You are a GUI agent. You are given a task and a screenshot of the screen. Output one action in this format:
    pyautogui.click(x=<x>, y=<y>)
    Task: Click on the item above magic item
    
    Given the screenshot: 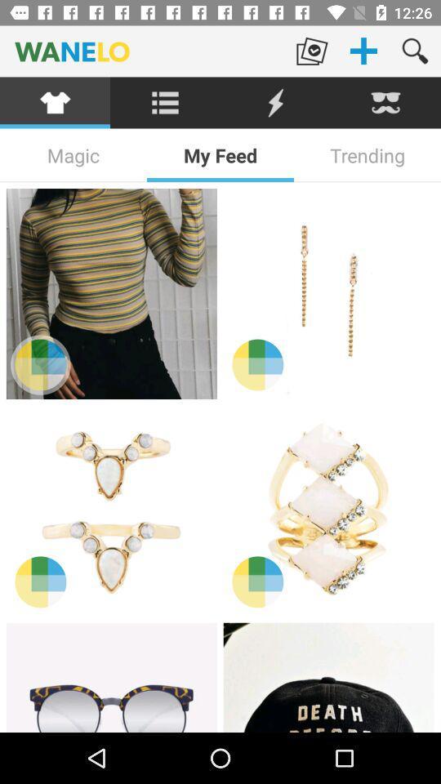 What is the action you would take?
    pyautogui.click(x=165, y=102)
    